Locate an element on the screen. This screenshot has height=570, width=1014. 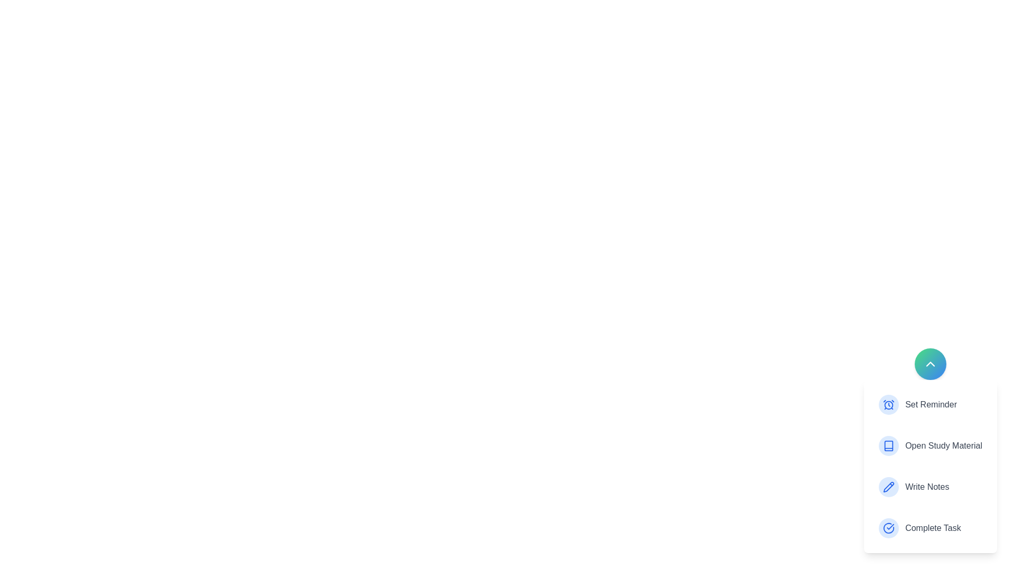
the action Open Study Material from the menu is located at coordinates (930, 445).